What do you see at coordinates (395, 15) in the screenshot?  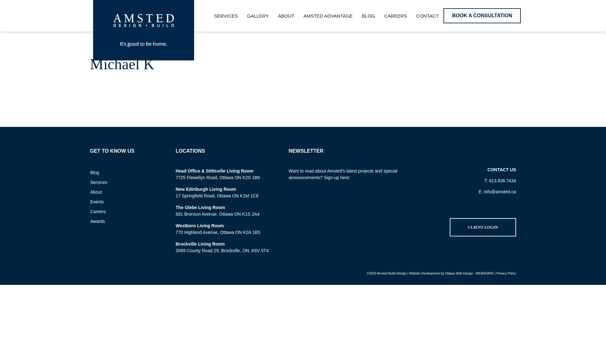 I see `'CAREERS'` at bounding box center [395, 15].